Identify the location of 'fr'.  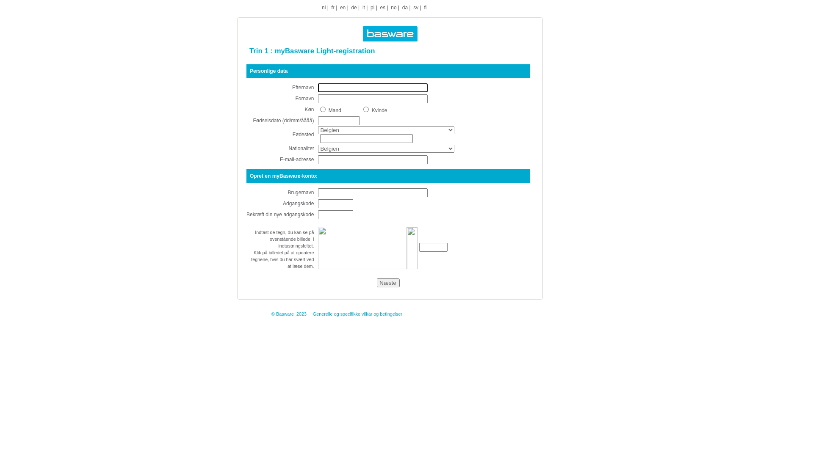
(332, 8).